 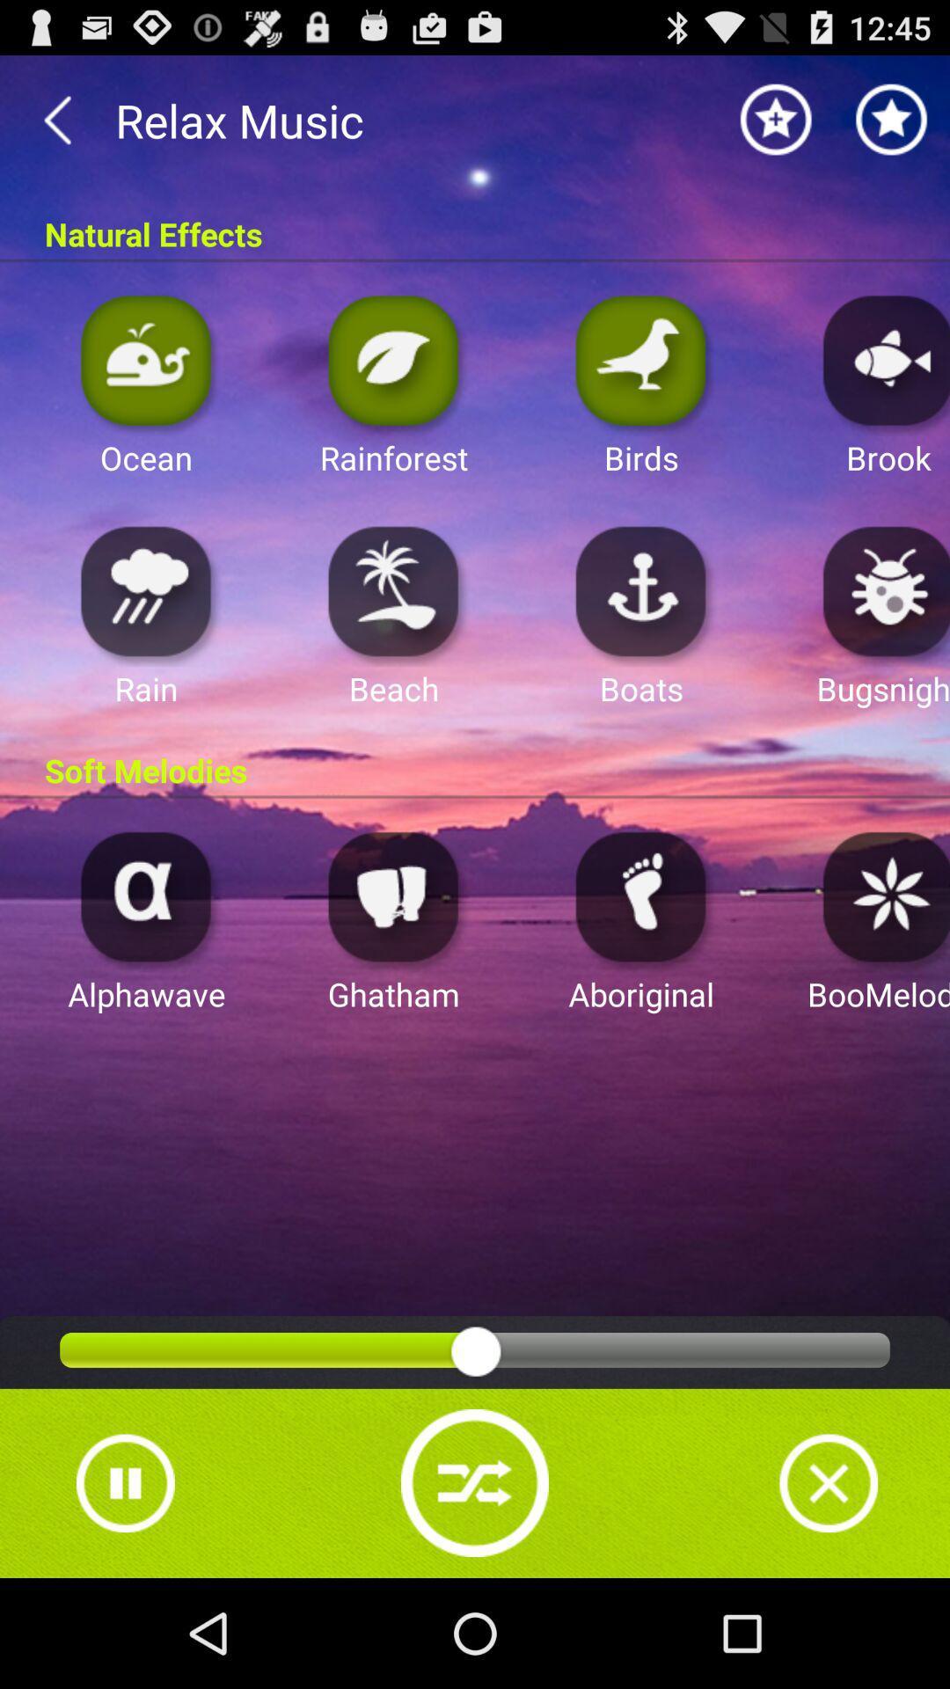 I want to click on shuffle music, so click(x=475, y=1481).